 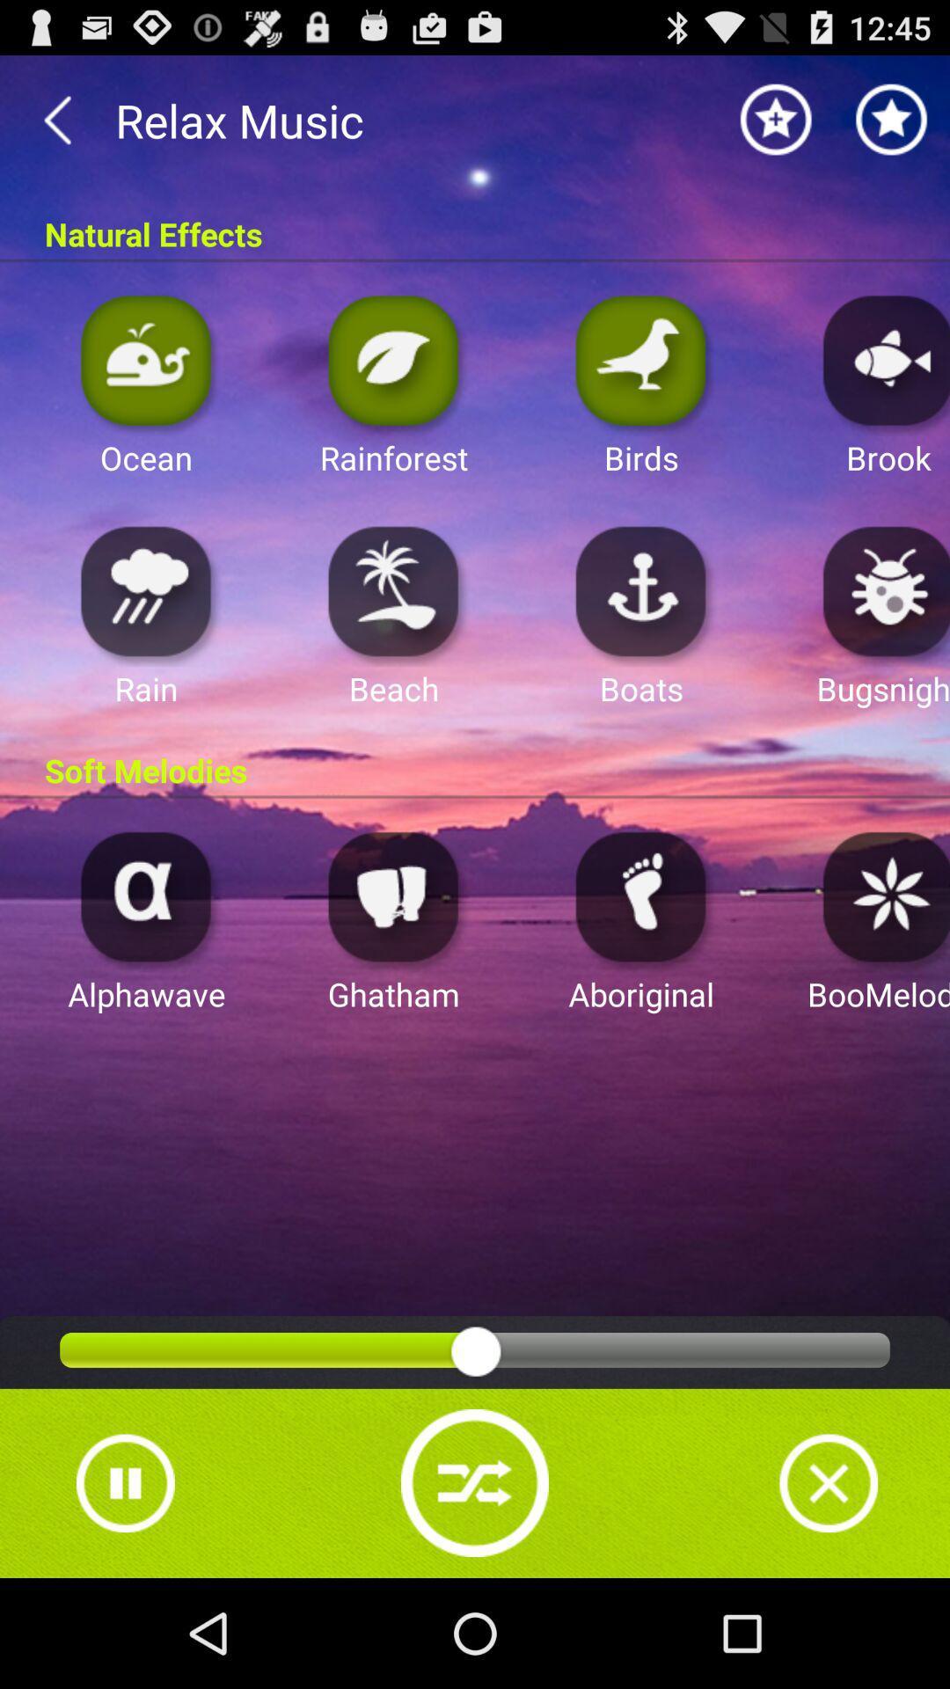 I want to click on shuffle music, so click(x=475, y=1481).